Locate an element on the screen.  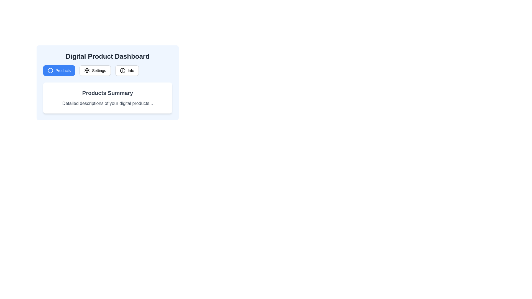
the circular info icon located between the settings icon and the descriptive text labeled 'Info' is located at coordinates (122, 70).